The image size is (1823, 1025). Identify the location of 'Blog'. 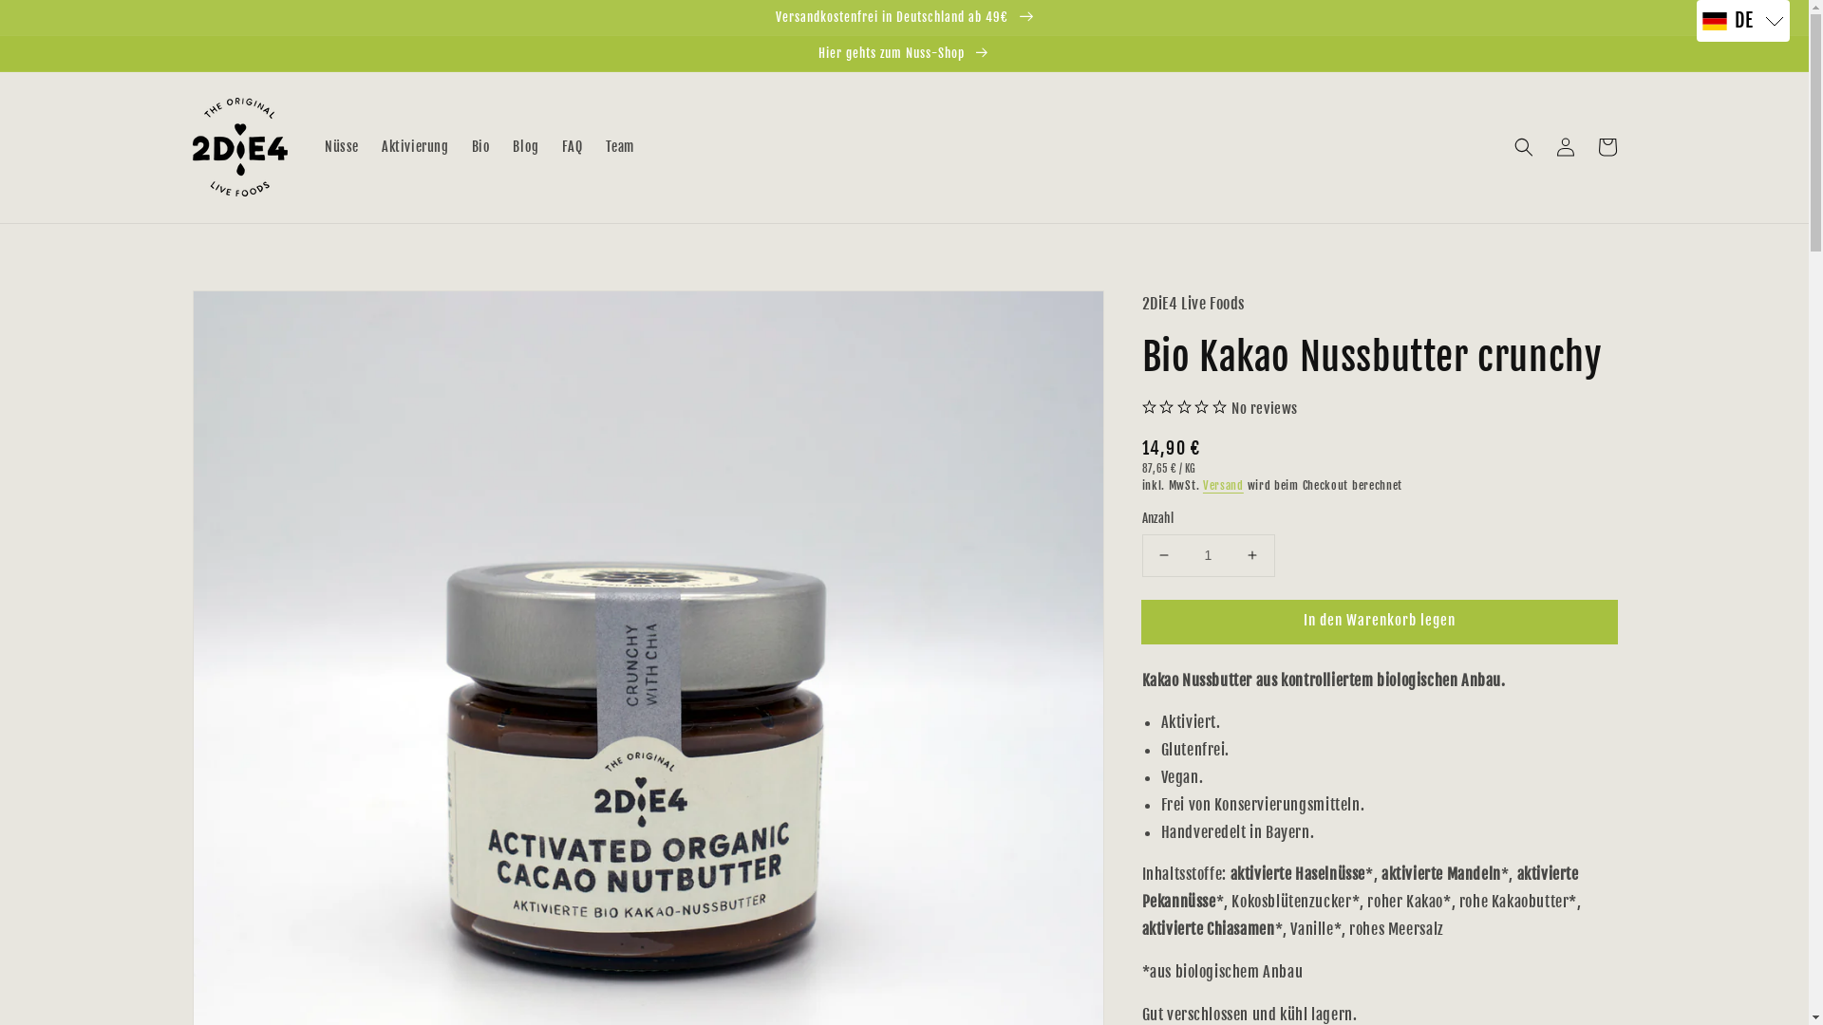
(501, 145).